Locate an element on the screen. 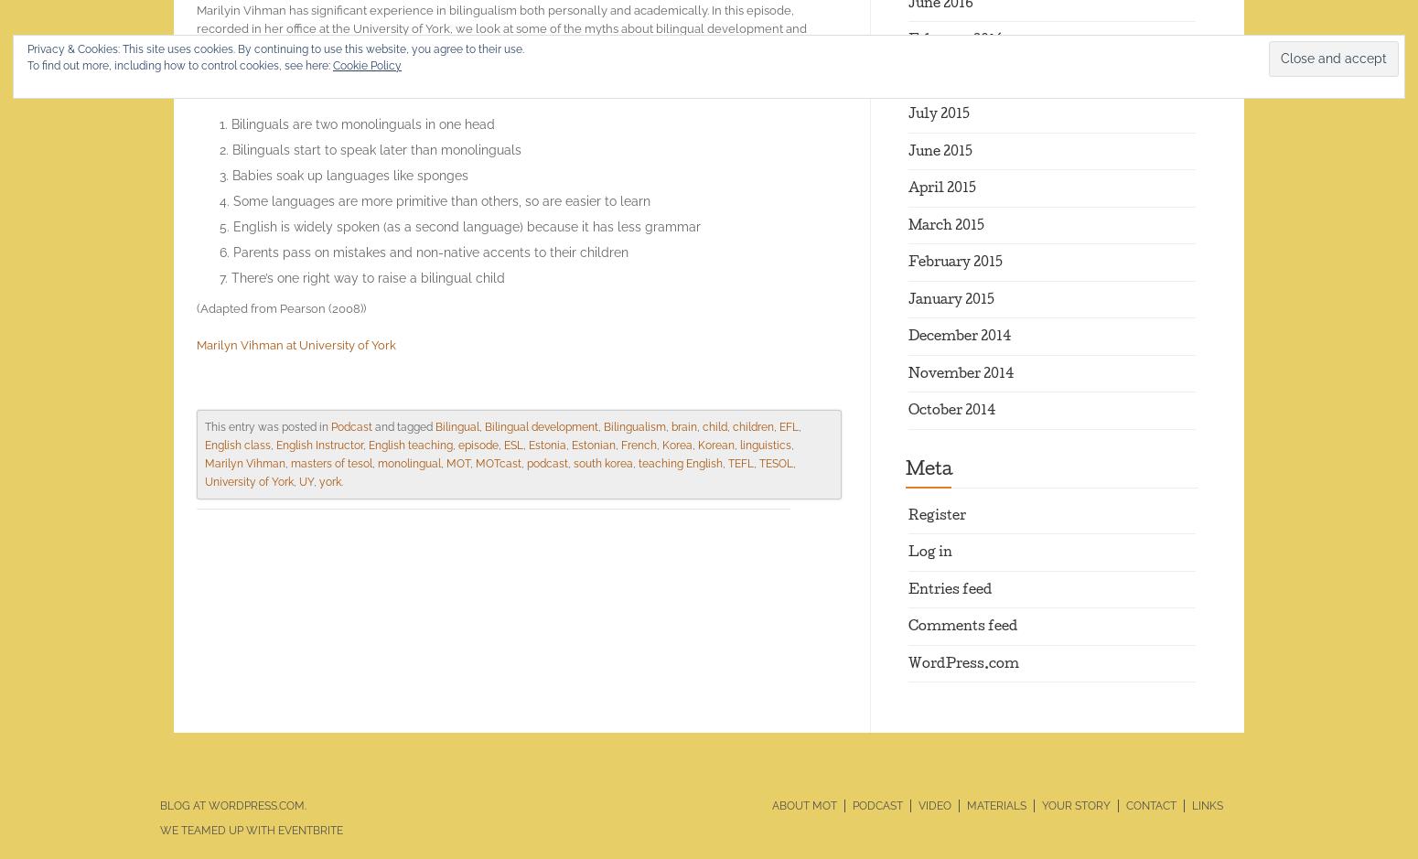 The image size is (1418, 859). 'children' is located at coordinates (752, 426).